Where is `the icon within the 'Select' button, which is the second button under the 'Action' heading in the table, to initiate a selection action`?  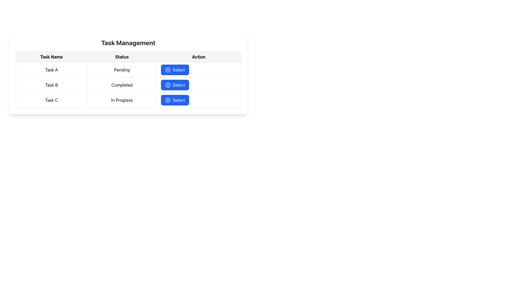
the icon within the 'Select' button, which is the second button under the 'Action' heading in the table, to initiate a selection action is located at coordinates (168, 85).